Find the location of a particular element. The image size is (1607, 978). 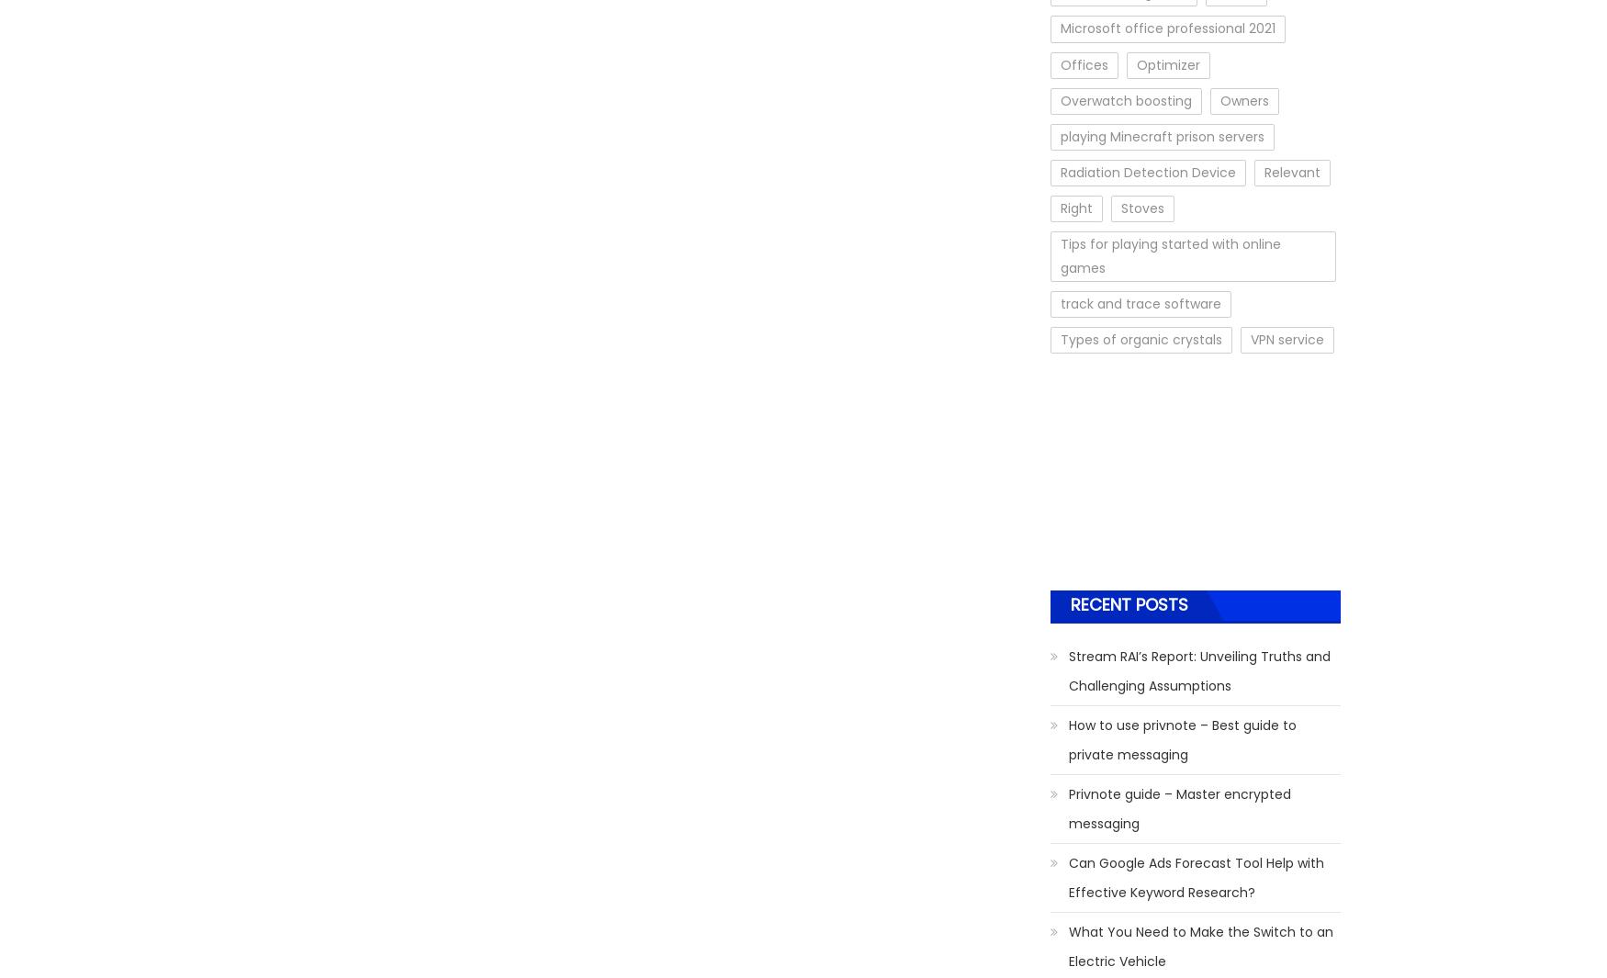

'Tips for playing started with online games' is located at coordinates (1060, 254).